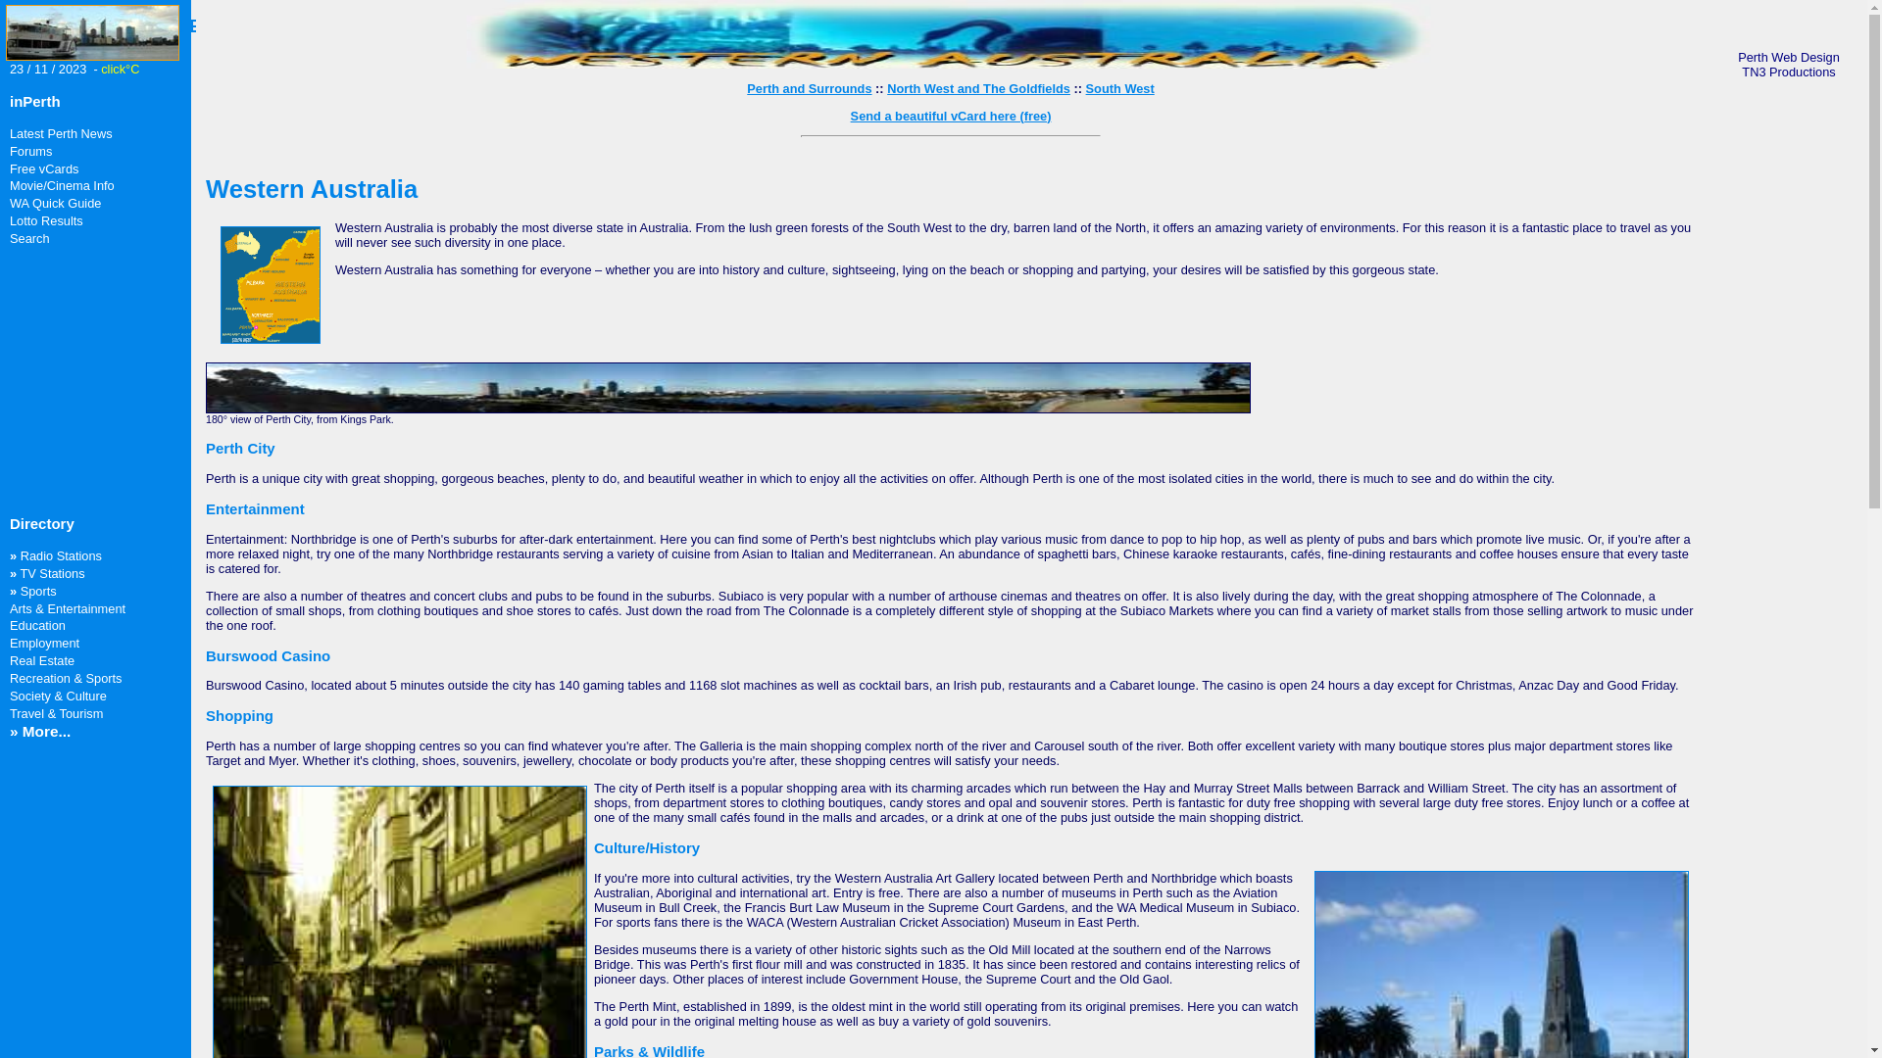  What do you see at coordinates (61, 132) in the screenshot?
I see `'Latest Perth News'` at bounding box center [61, 132].